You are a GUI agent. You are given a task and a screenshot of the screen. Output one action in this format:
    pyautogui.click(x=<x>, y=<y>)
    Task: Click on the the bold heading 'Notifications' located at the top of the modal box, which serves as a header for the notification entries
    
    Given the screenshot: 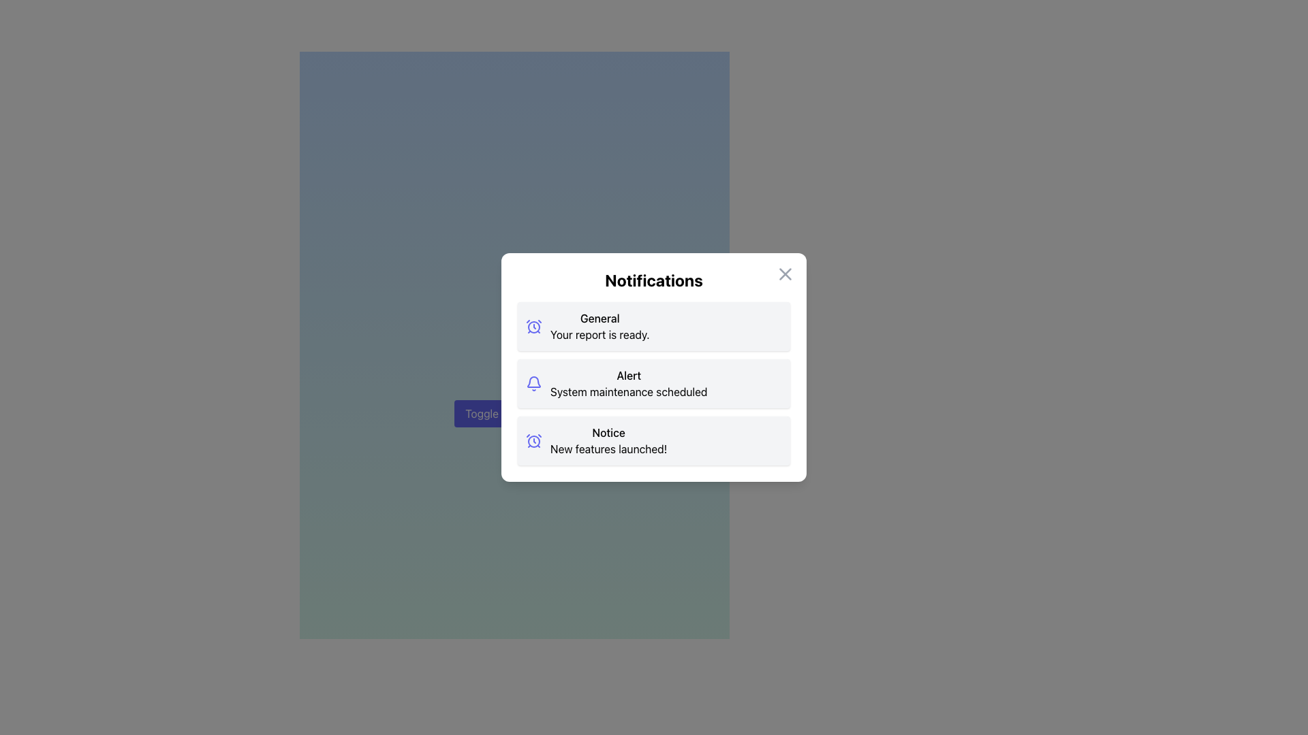 What is the action you would take?
    pyautogui.click(x=654, y=280)
    